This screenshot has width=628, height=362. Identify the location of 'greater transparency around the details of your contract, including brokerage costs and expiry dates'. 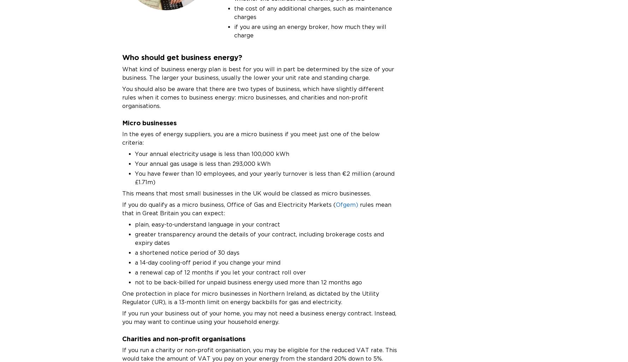
(259, 238).